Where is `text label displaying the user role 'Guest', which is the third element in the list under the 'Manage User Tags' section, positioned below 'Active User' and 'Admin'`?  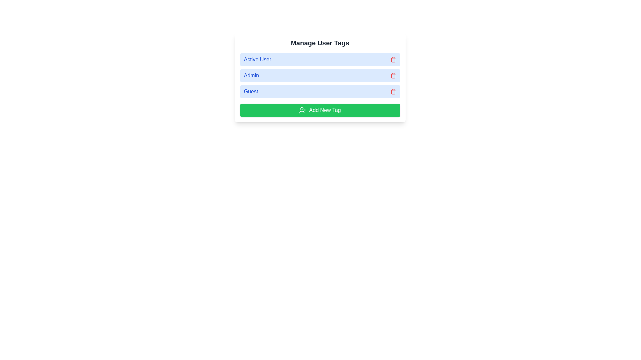 text label displaying the user role 'Guest', which is the third element in the list under the 'Manage User Tags' section, positioned below 'Active User' and 'Admin' is located at coordinates (250, 91).